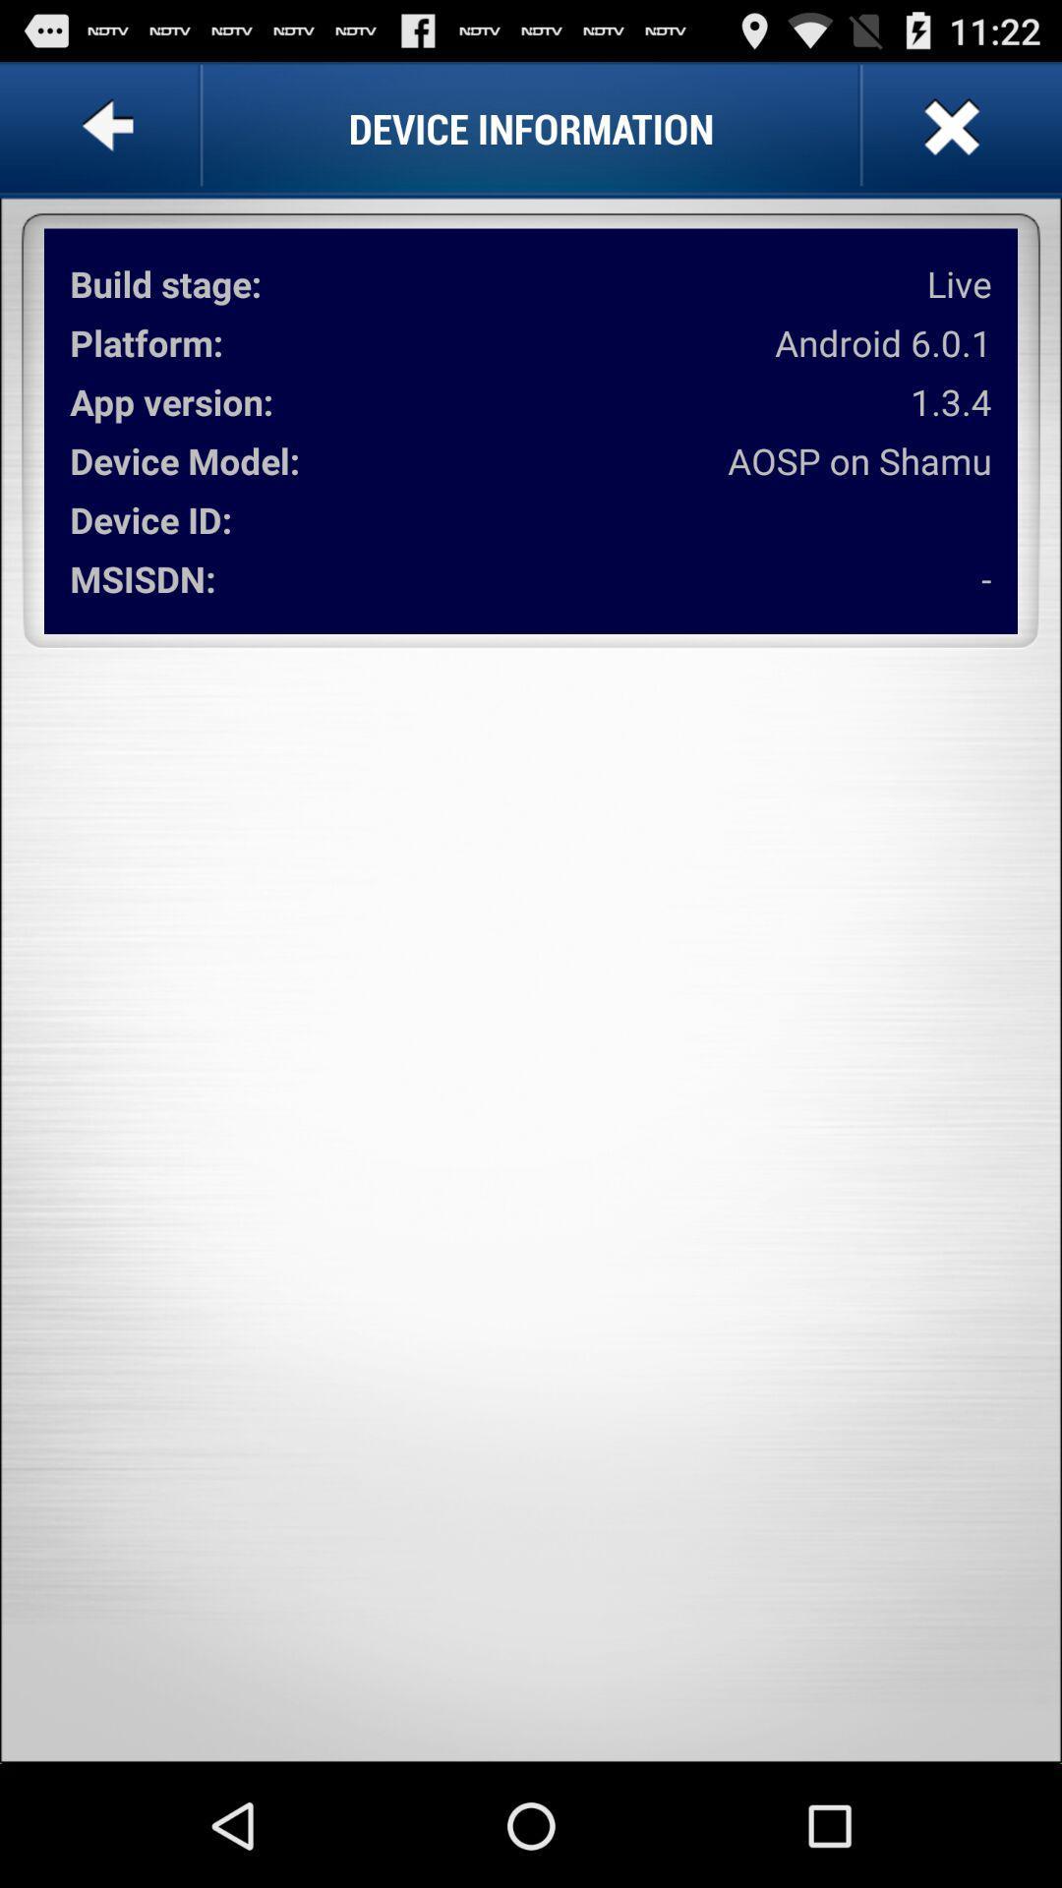 The height and width of the screenshot is (1888, 1062). What do you see at coordinates (112, 127) in the screenshot?
I see `item next to device information` at bounding box center [112, 127].